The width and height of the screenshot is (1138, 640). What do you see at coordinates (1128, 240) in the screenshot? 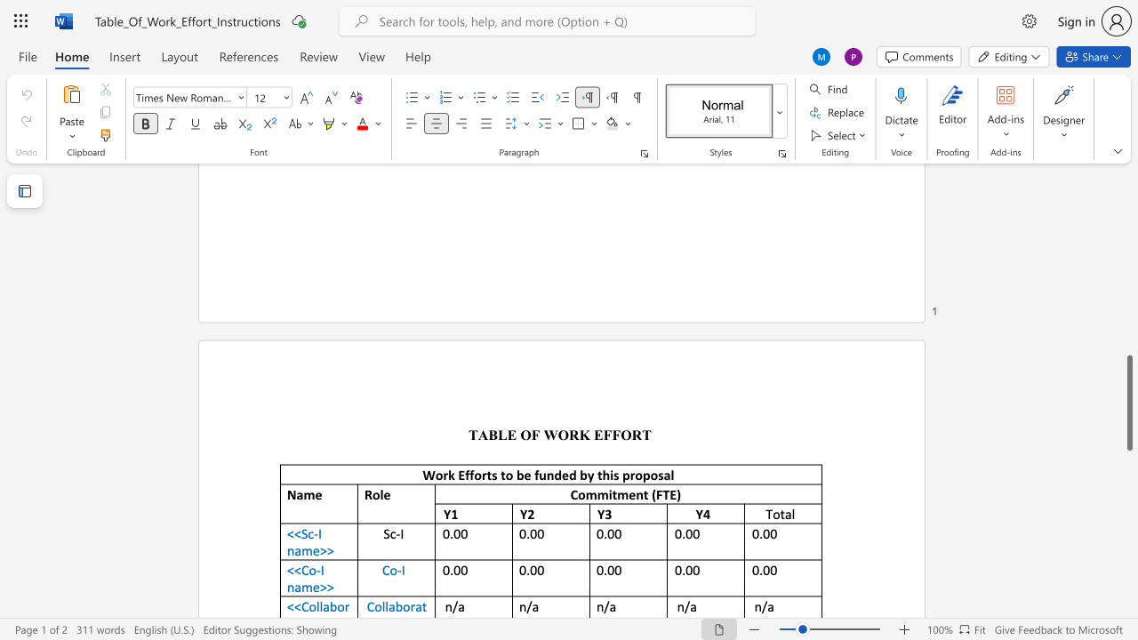
I see `the scrollbar on the right to shift the page higher` at bounding box center [1128, 240].